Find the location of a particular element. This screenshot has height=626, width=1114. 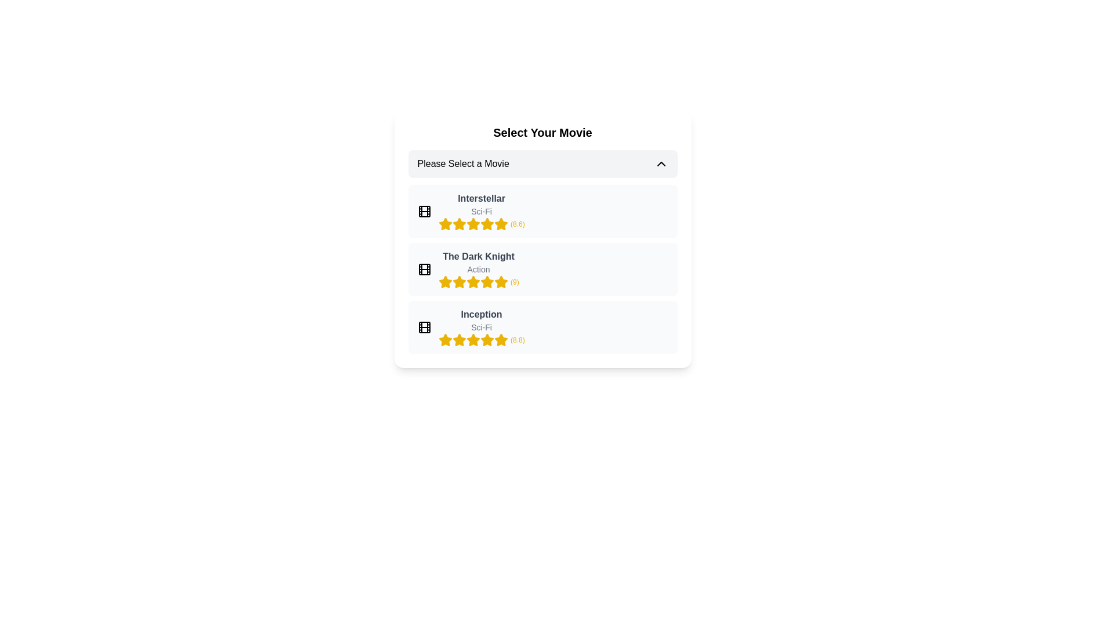

the sixth yellow star icon representing the rating for 'The Dark Knight' movie entry is located at coordinates (487, 282).